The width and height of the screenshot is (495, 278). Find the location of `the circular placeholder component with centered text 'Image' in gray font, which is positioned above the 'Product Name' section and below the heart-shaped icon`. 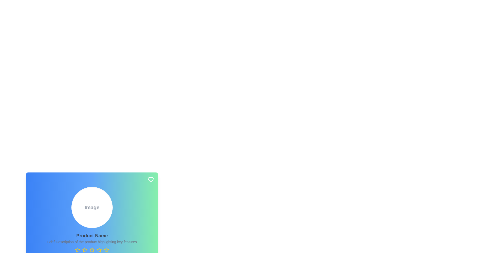

the circular placeholder component with centered text 'Image' in gray font, which is positioned above the 'Product Name' section and below the heart-shaped icon is located at coordinates (92, 207).